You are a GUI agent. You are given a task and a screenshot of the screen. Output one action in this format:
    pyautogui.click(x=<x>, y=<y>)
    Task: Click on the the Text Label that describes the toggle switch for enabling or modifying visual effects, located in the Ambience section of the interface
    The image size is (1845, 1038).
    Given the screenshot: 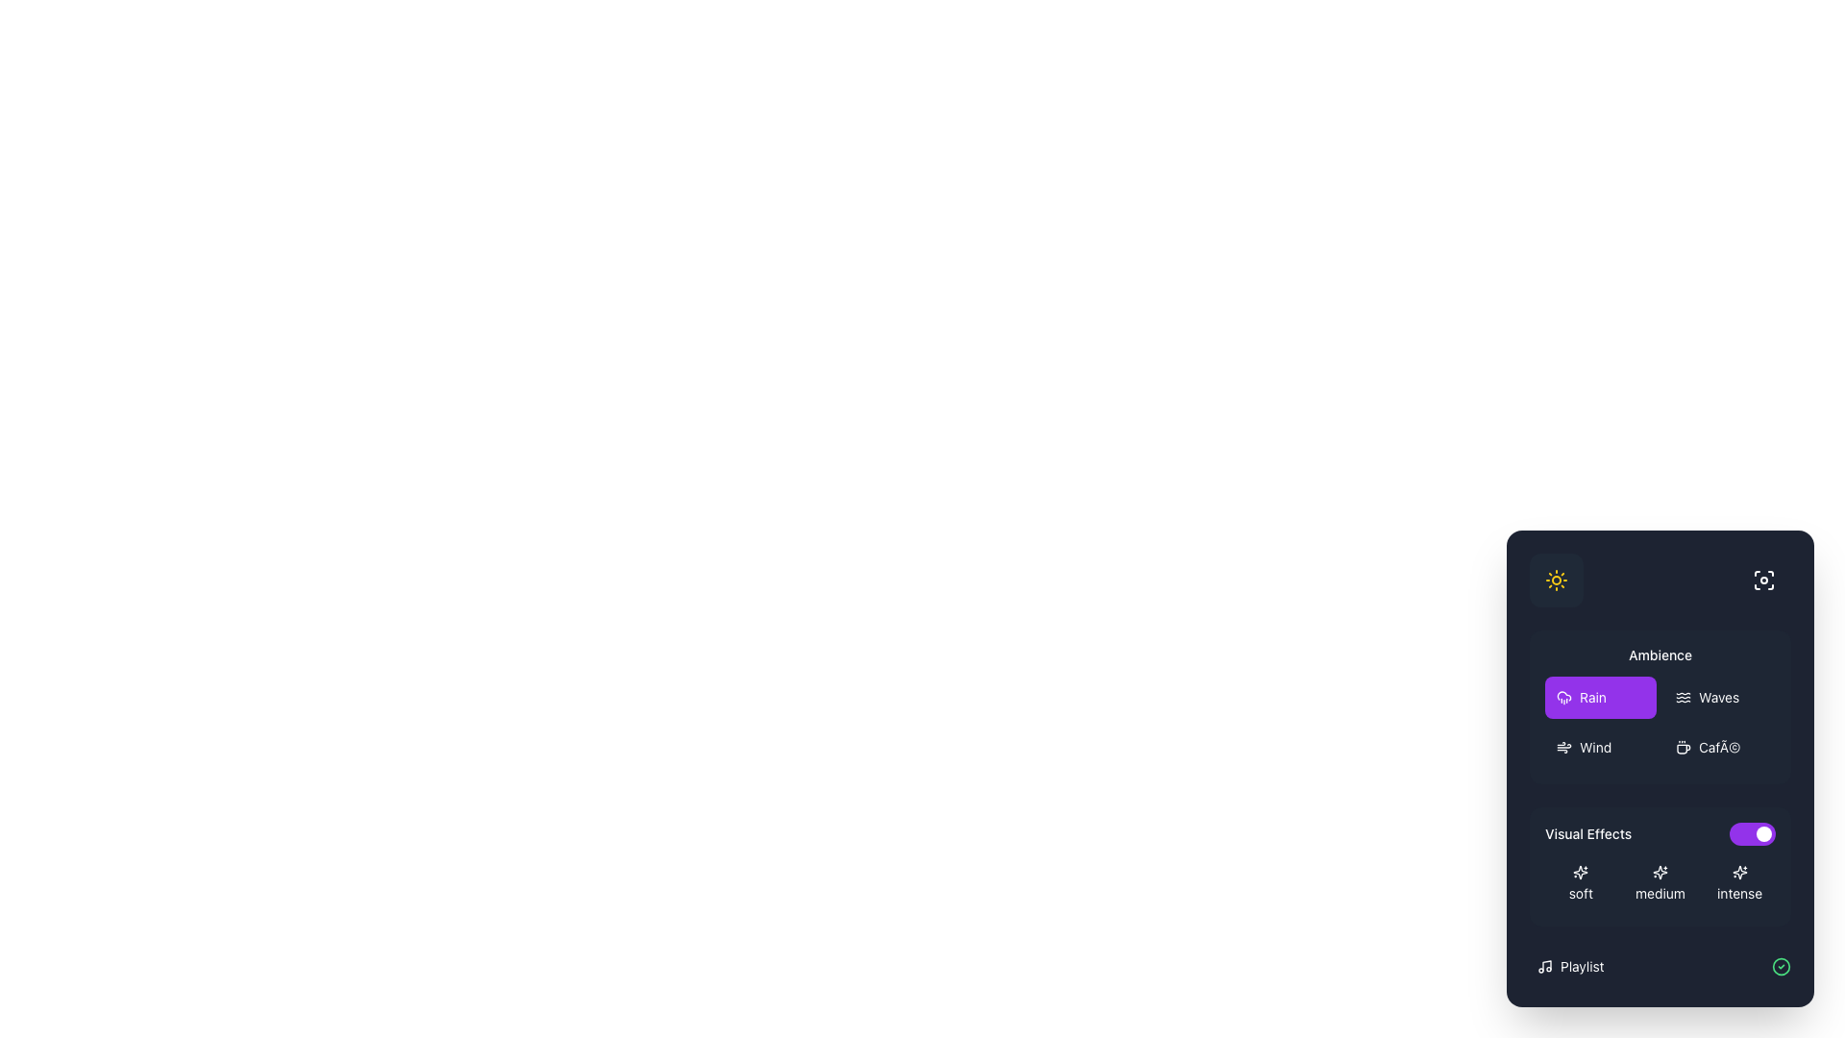 What is the action you would take?
    pyautogui.click(x=1588, y=832)
    